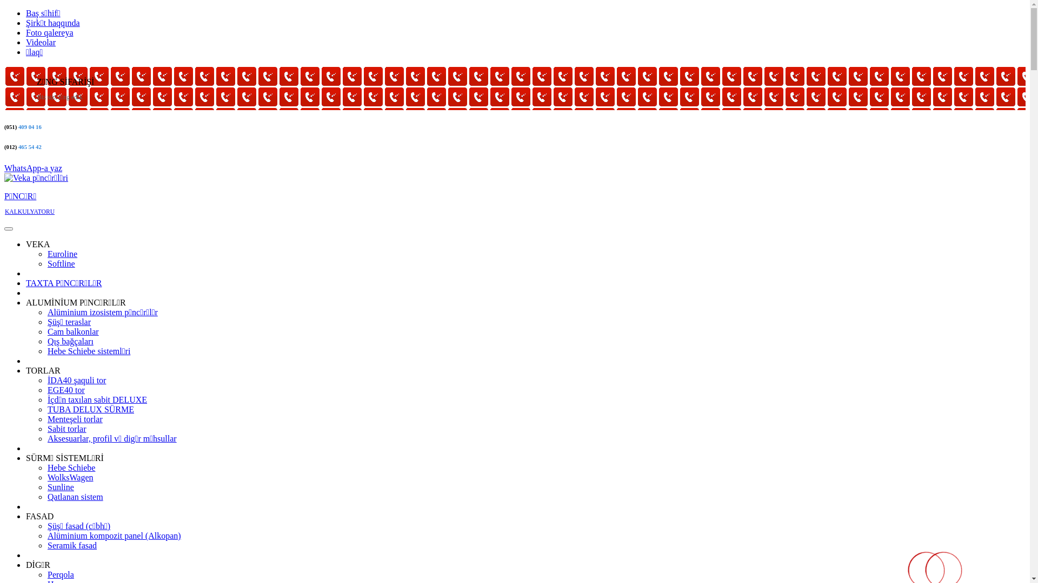  I want to click on 'Qatlanan sistem', so click(46, 497).